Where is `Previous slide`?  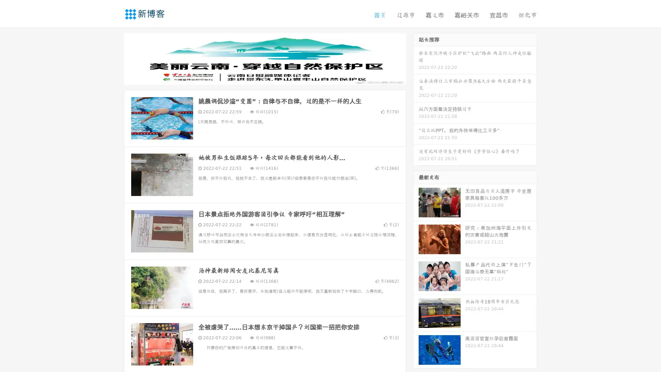 Previous slide is located at coordinates (114, 58).